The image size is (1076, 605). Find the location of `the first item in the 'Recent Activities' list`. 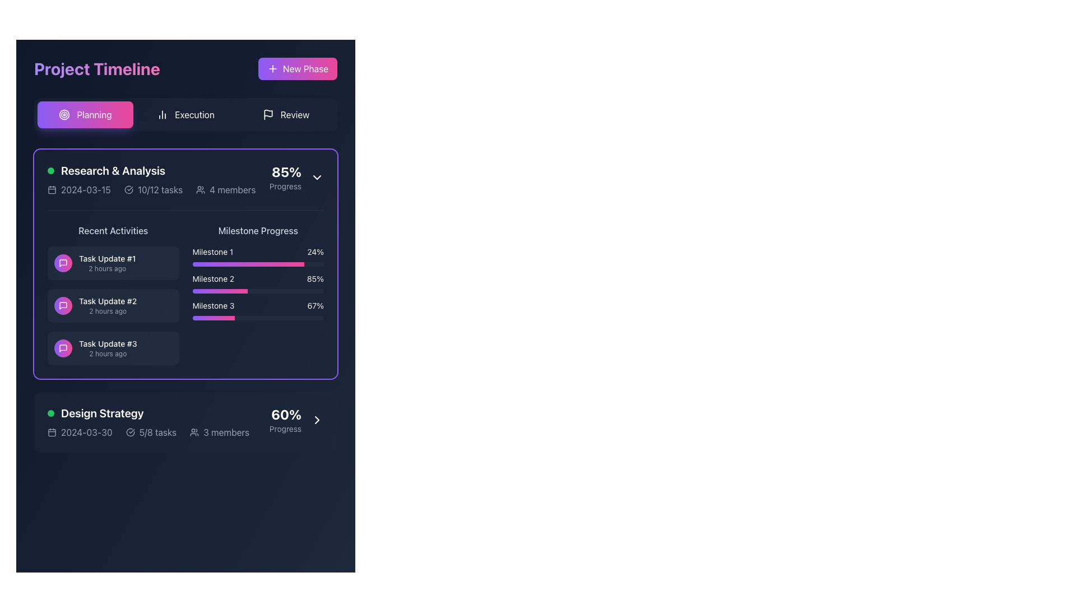

the first item in the 'Recent Activities' list is located at coordinates (113, 263).